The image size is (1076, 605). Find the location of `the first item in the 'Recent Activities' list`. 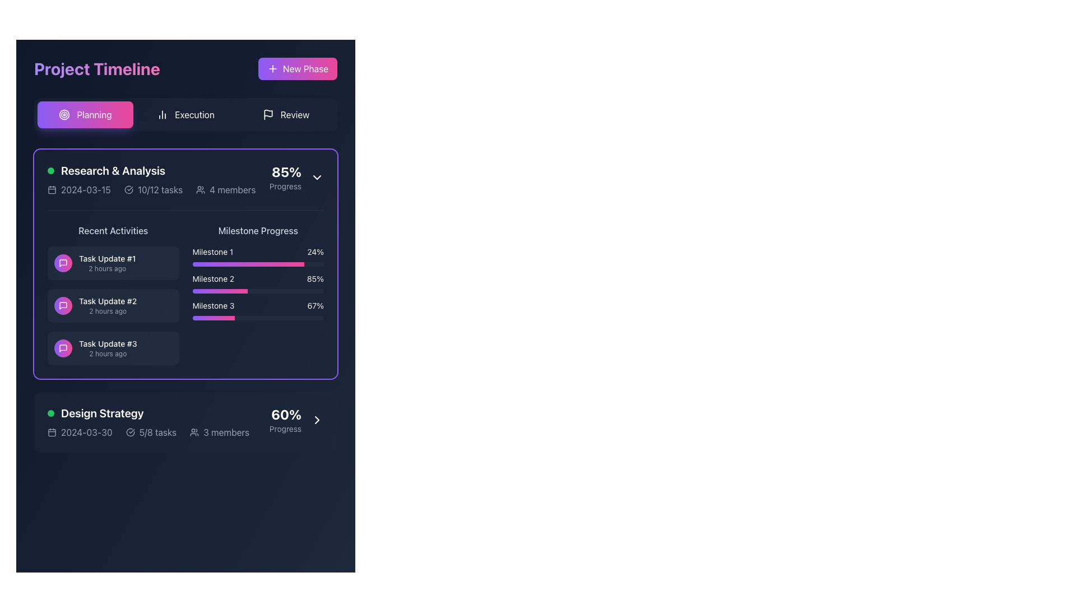

the first item in the 'Recent Activities' list is located at coordinates (113, 263).